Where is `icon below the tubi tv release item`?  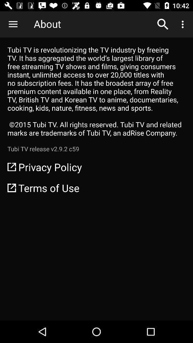
icon below the tubi tv release item is located at coordinates (96, 167).